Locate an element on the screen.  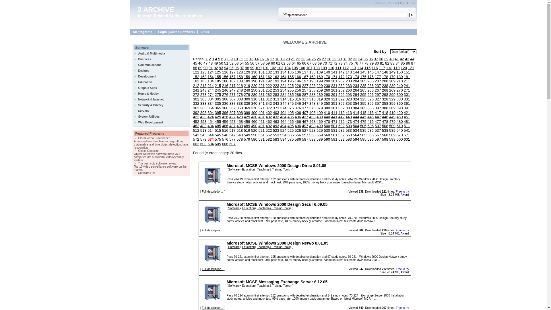
'530' is located at coordinates (327, 130).